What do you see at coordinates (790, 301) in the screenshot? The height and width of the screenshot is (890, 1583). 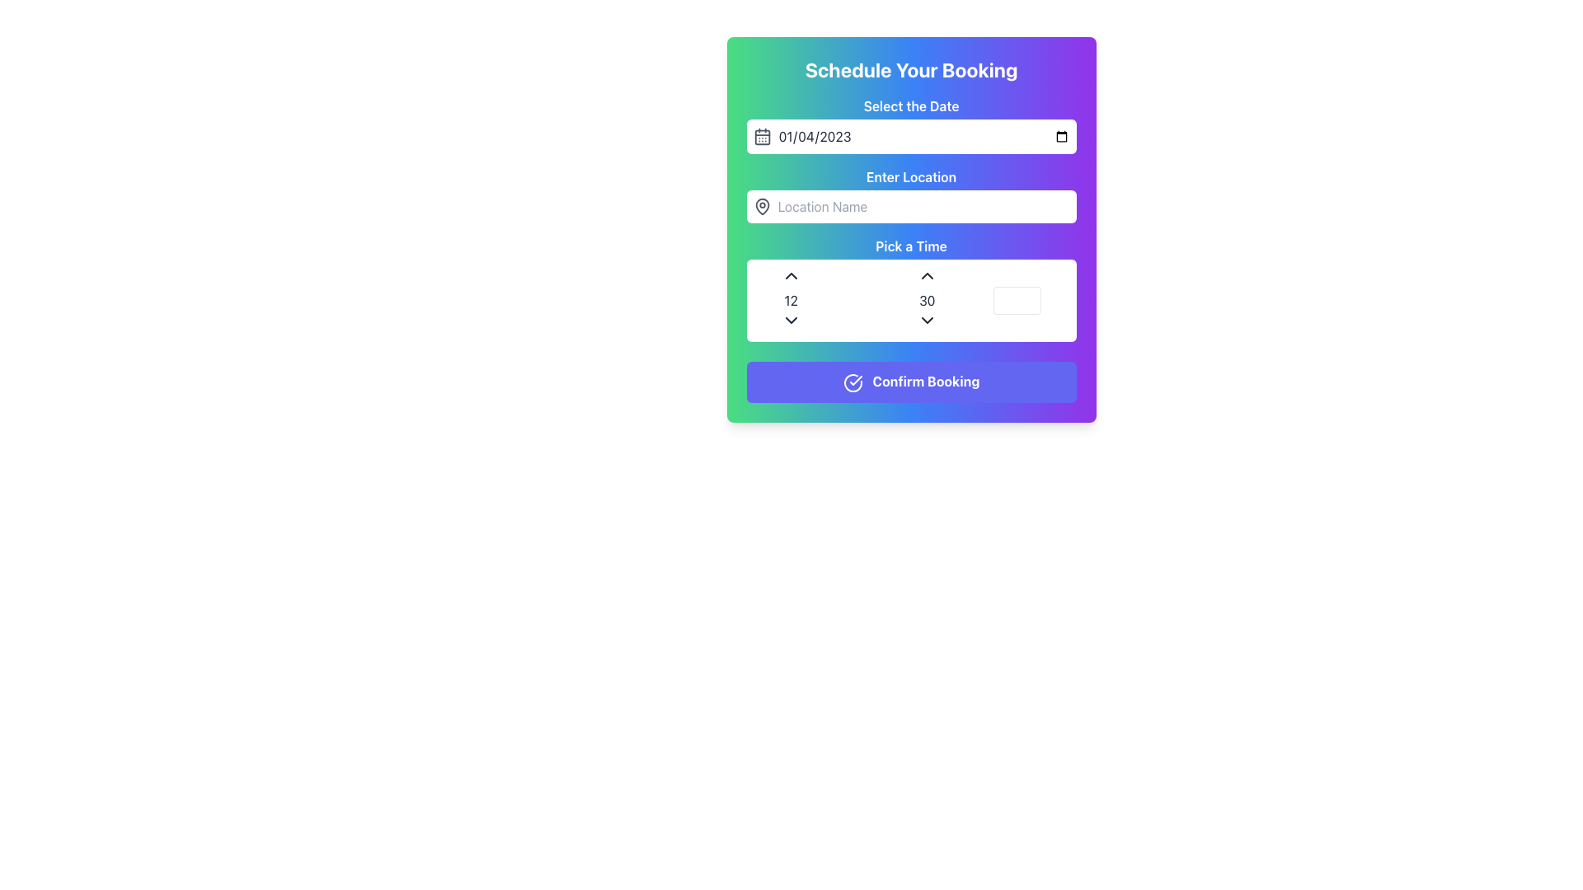 I see `displayed hour value from the informational text label located between the up and down arrow buttons in the time picker component` at bounding box center [790, 301].